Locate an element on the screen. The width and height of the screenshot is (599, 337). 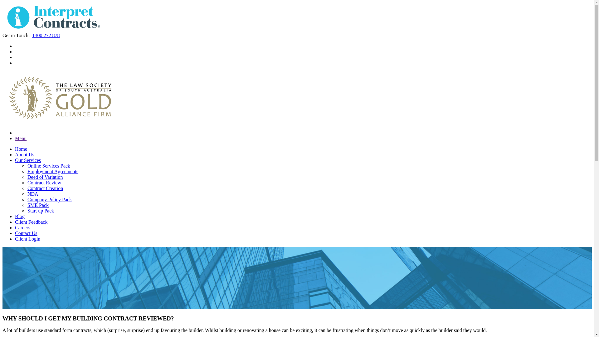
'Start up Pack' is located at coordinates (27, 211).